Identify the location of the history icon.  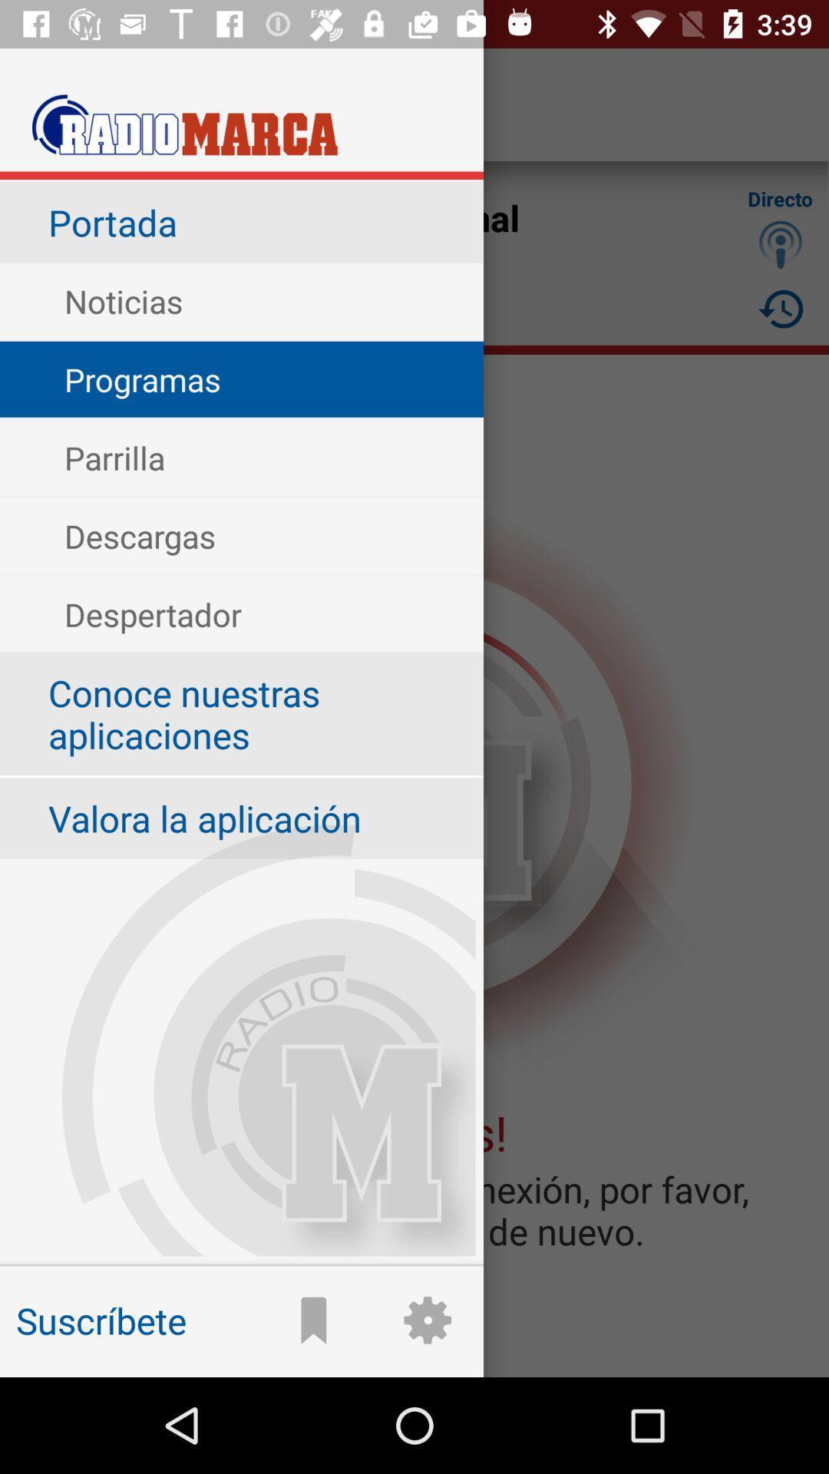
(781, 308).